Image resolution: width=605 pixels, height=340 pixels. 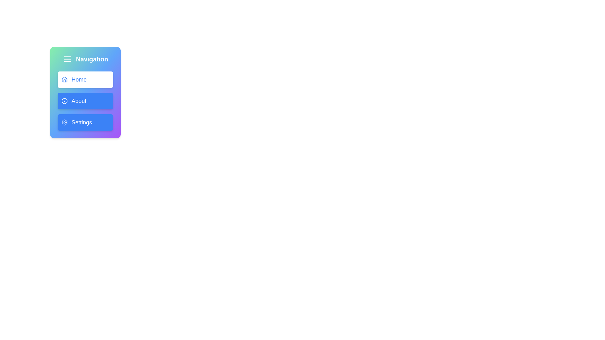 What do you see at coordinates (85, 79) in the screenshot?
I see `the 'Home' button, which is a rounded navigation button with a white background and blue text, positioned at the top of the vertically stacked navigation menu` at bounding box center [85, 79].